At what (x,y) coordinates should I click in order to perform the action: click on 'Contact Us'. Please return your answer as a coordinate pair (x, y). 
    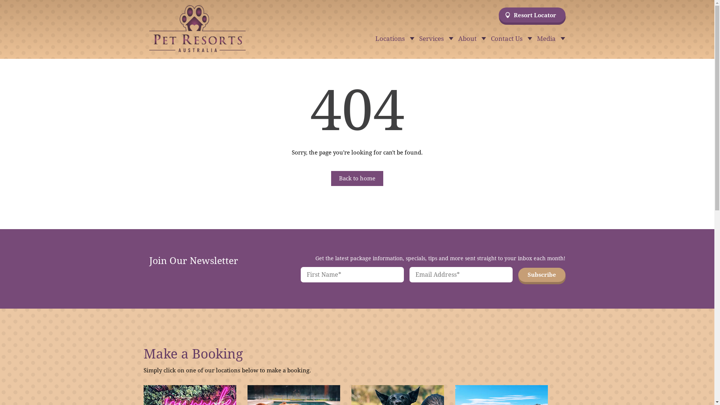
    Looking at the image, I should click on (510, 39).